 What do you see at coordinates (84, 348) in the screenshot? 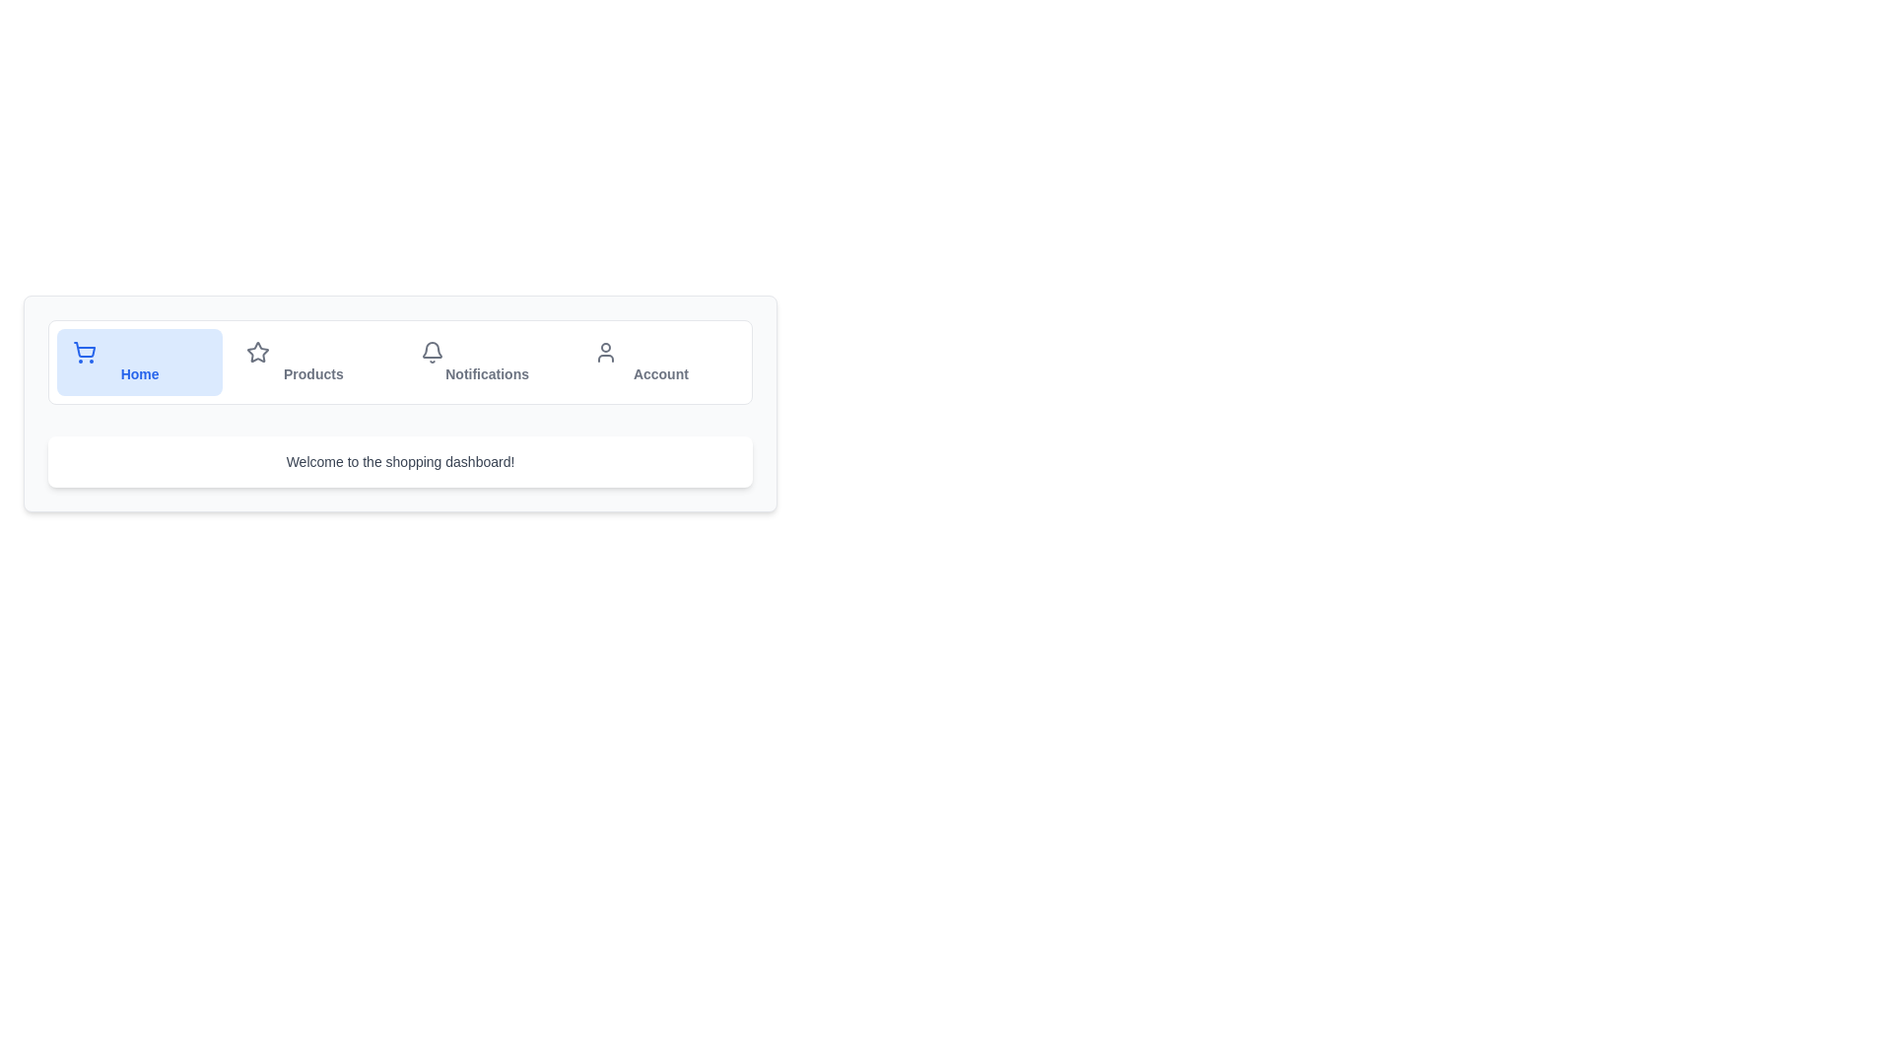
I see `the shopping cart icon located in the 'Home' tab of the horizontal navigation menu` at bounding box center [84, 348].